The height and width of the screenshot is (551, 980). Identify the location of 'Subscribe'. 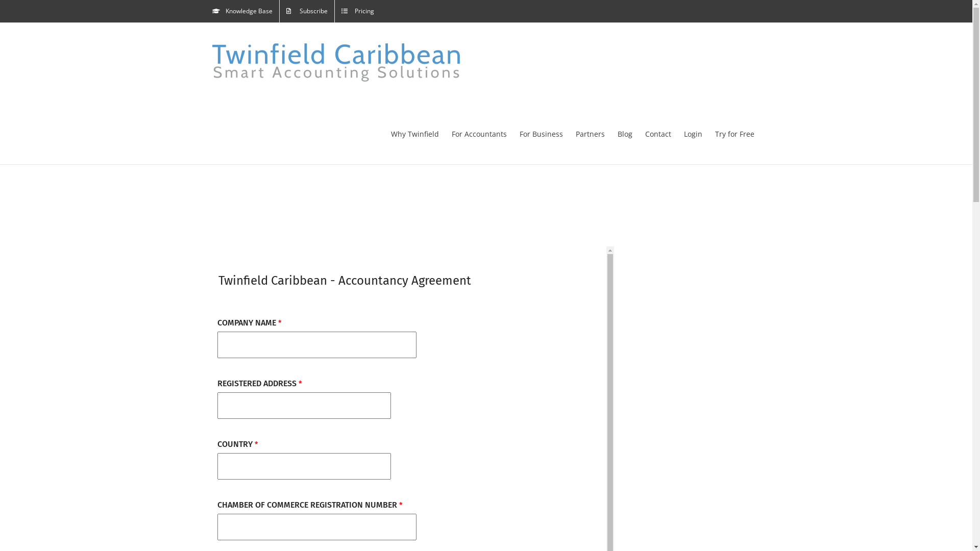
(306, 11).